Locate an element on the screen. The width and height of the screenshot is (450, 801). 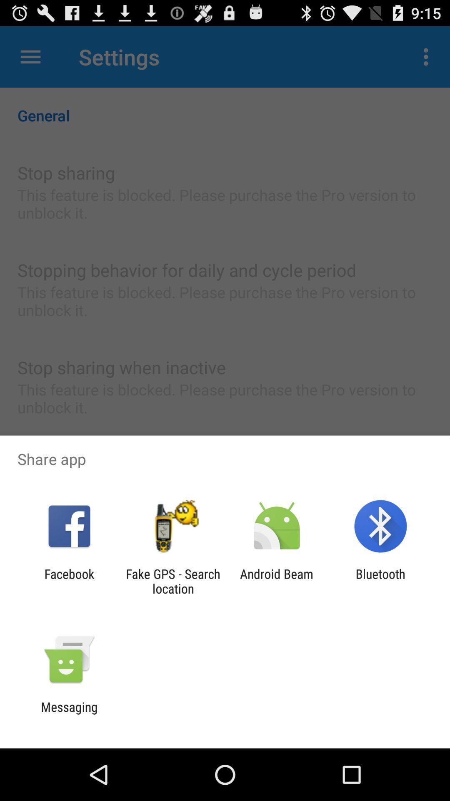
the android beam is located at coordinates (277, 581).